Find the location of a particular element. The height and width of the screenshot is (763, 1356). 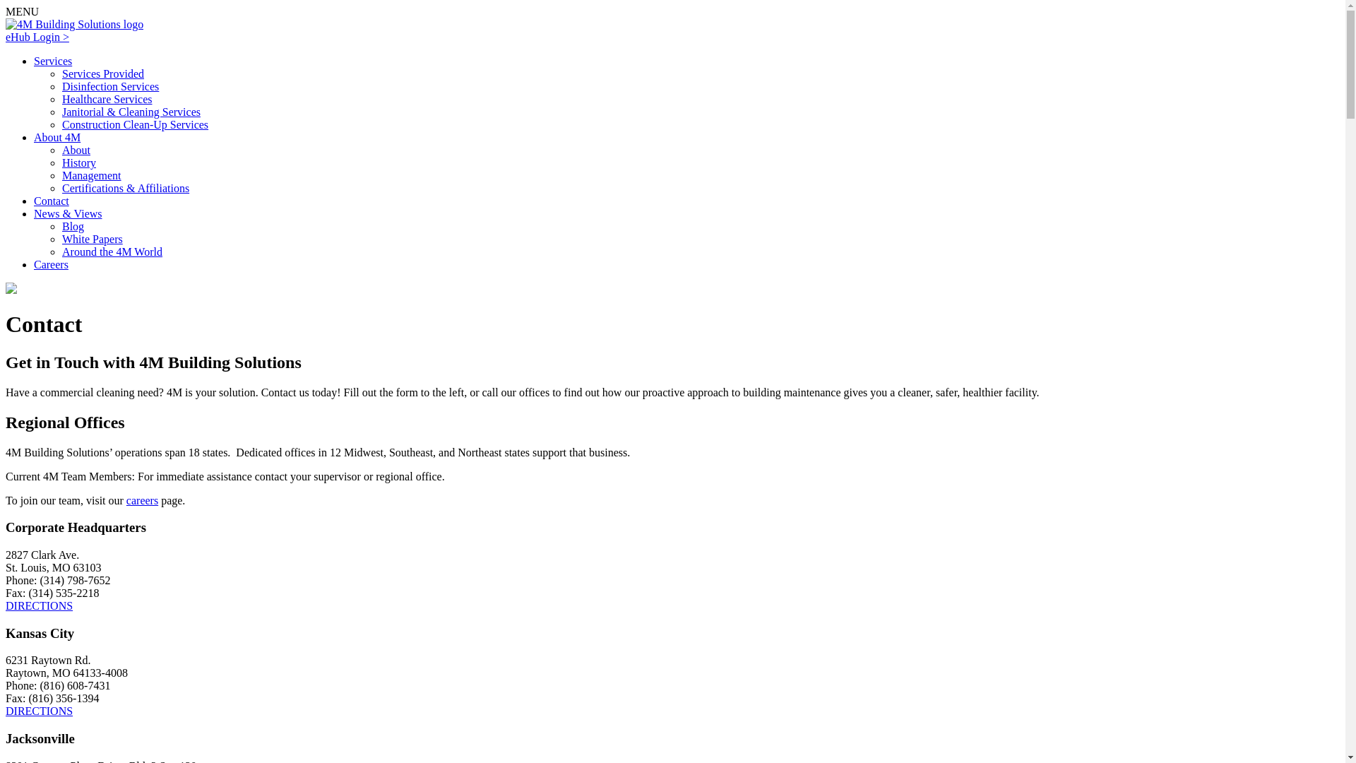

'White Papers' is located at coordinates (61, 238).